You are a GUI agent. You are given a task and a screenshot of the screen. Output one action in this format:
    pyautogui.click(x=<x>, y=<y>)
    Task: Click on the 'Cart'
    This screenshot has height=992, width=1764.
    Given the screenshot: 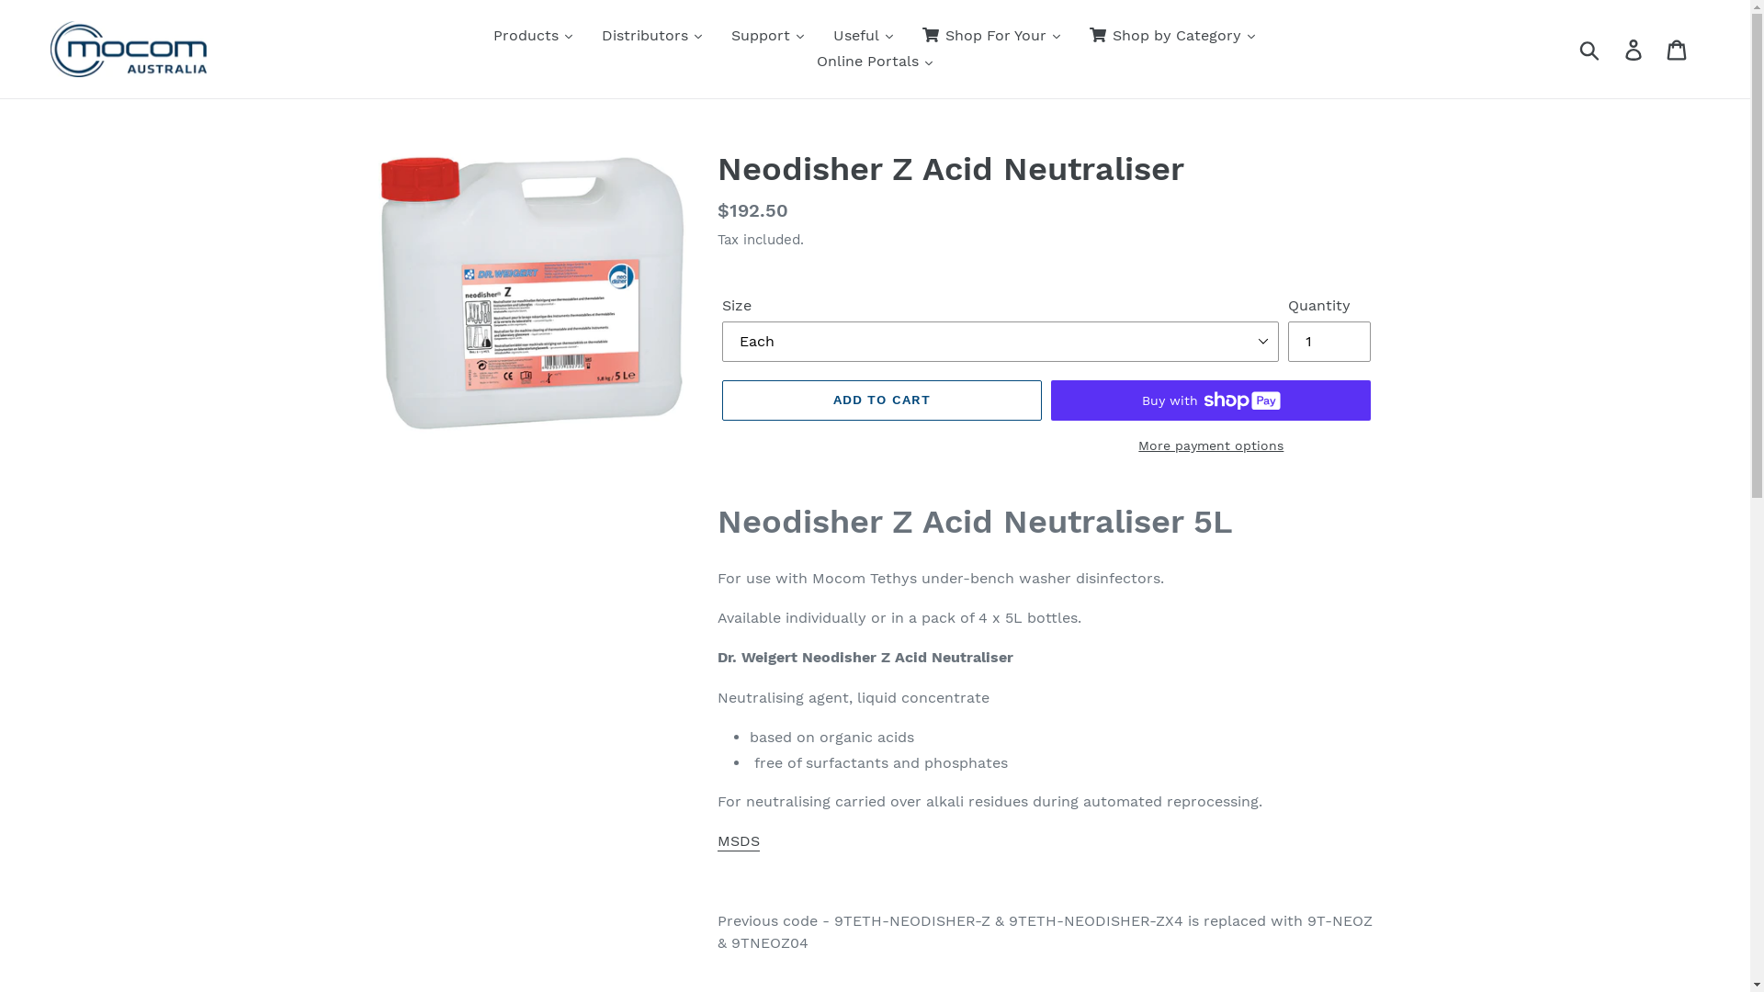 What is the action you would take?
    pyautogui.click(x=1657, y=48)
    